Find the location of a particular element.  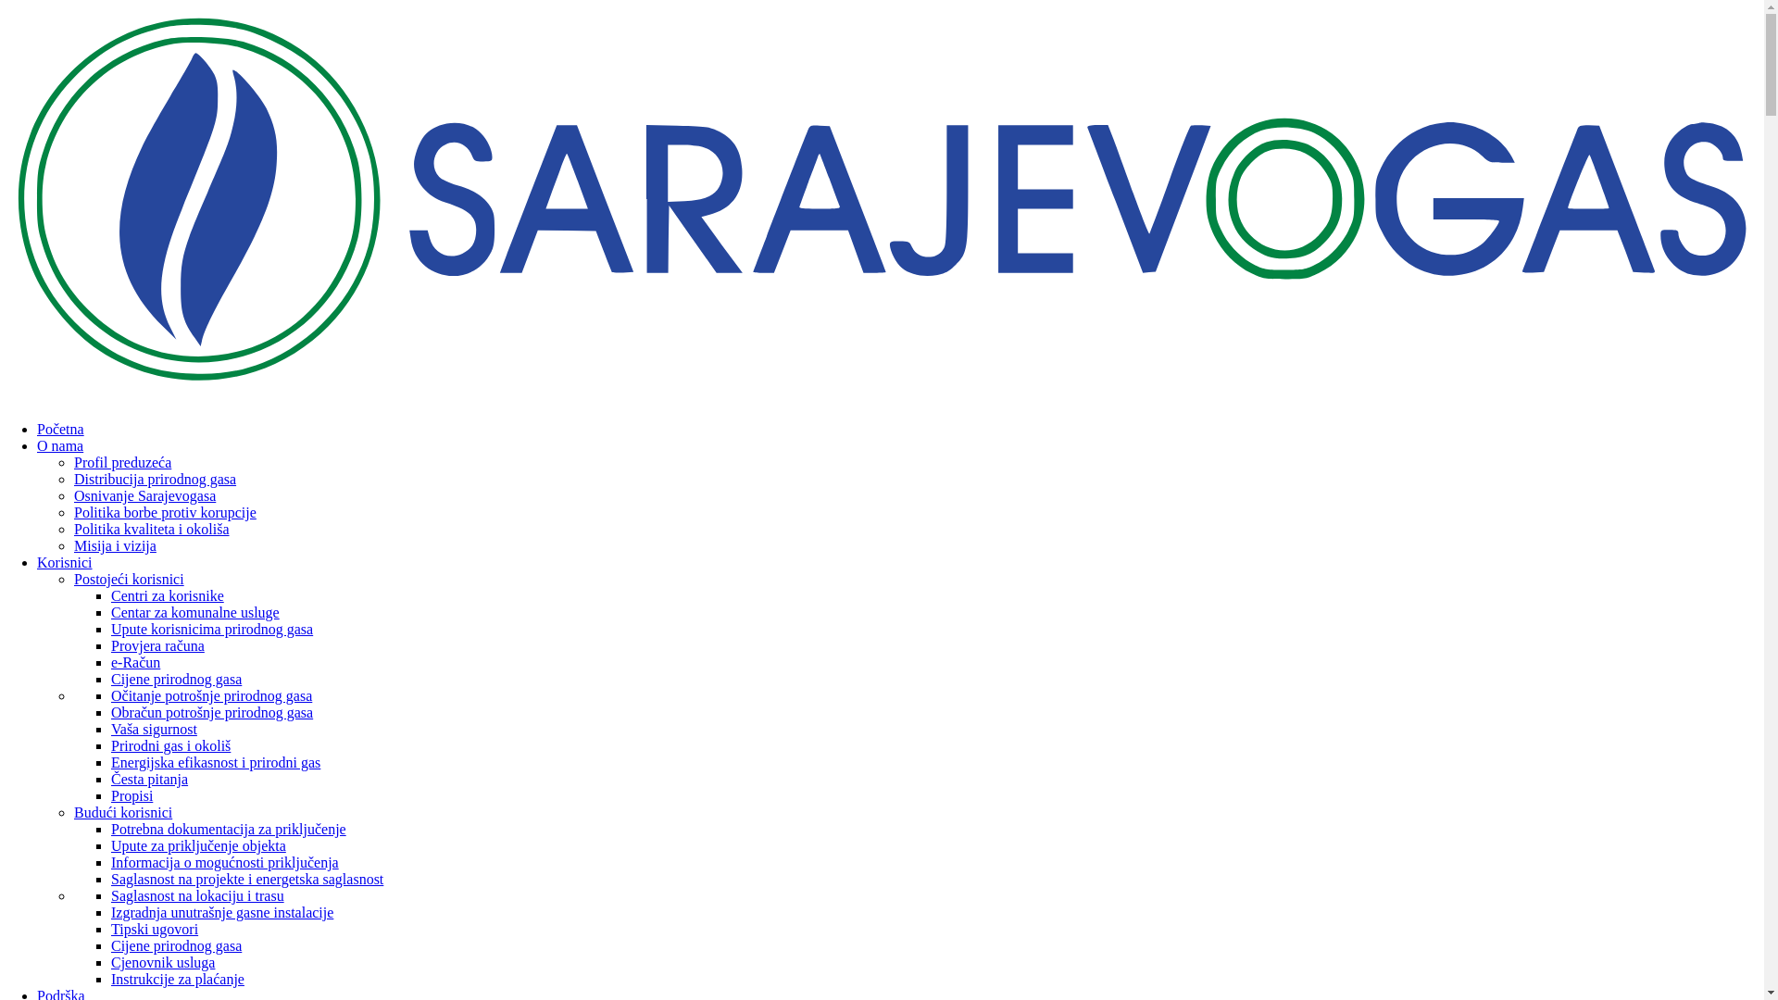

'Cijene prirodnog gasa' is located at coordinates (176, 679).